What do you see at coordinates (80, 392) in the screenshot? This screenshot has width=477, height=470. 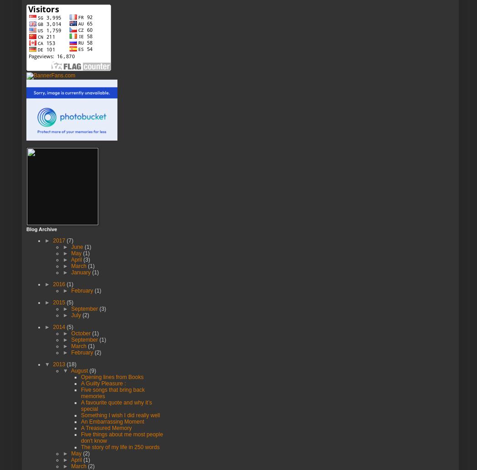 I see `'Five songs that bring back memories'` at bounding box center [80, 392].